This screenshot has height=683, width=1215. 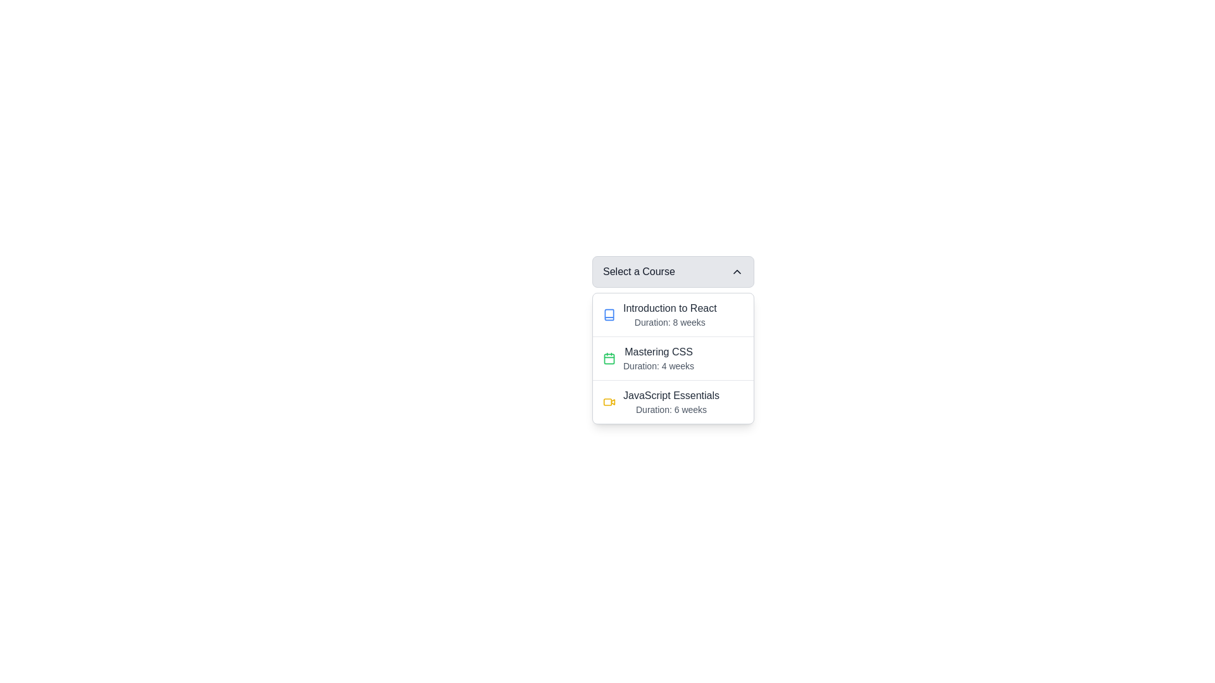 What do you see at coordinates (673, 314) in the screenshot?
I see `the first list item entry displaying the course 'Introduction to React'` at bounding box center [673, 314].